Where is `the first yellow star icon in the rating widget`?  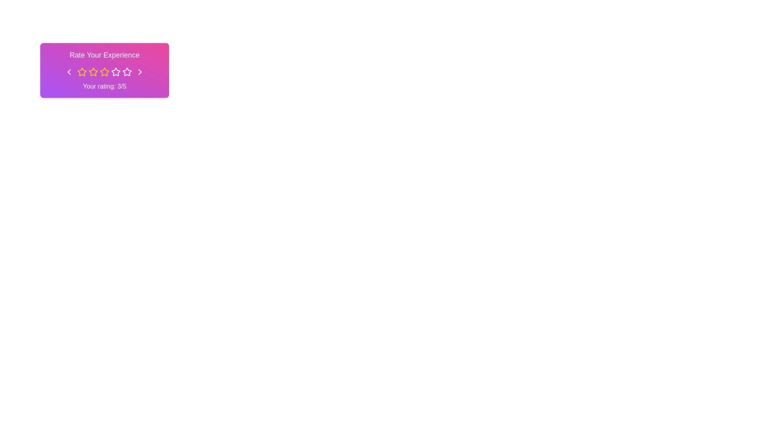 the first yellow star icon in the rating widget is located at coordinates (82, 71).